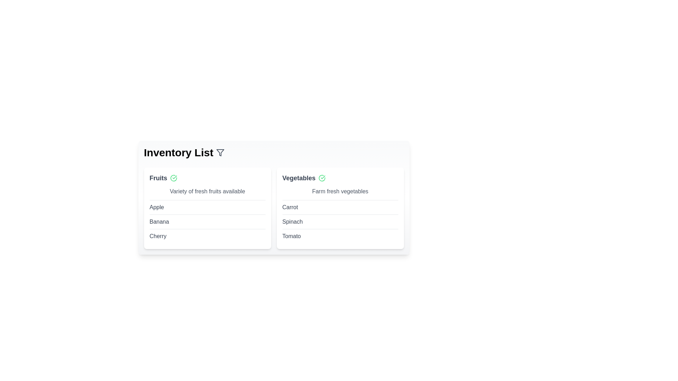  Describe the element at coordinates (157, 236) in the screenshot. I see `the item Cherry in the inventory` at that location.